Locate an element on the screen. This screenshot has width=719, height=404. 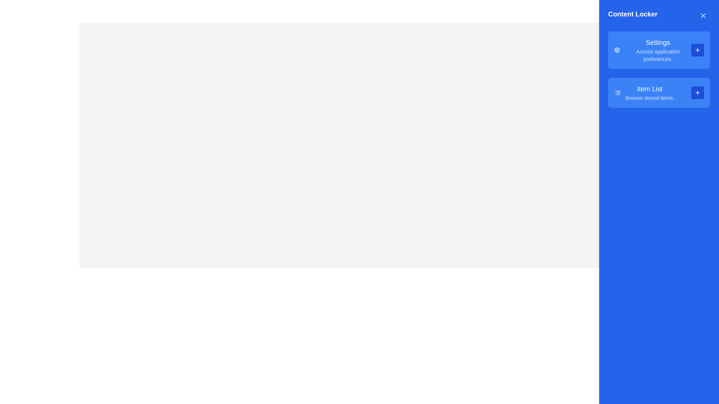
the blue rectangular button with rounded corners labeled 'Settings' is located at coordinates (659, 50).